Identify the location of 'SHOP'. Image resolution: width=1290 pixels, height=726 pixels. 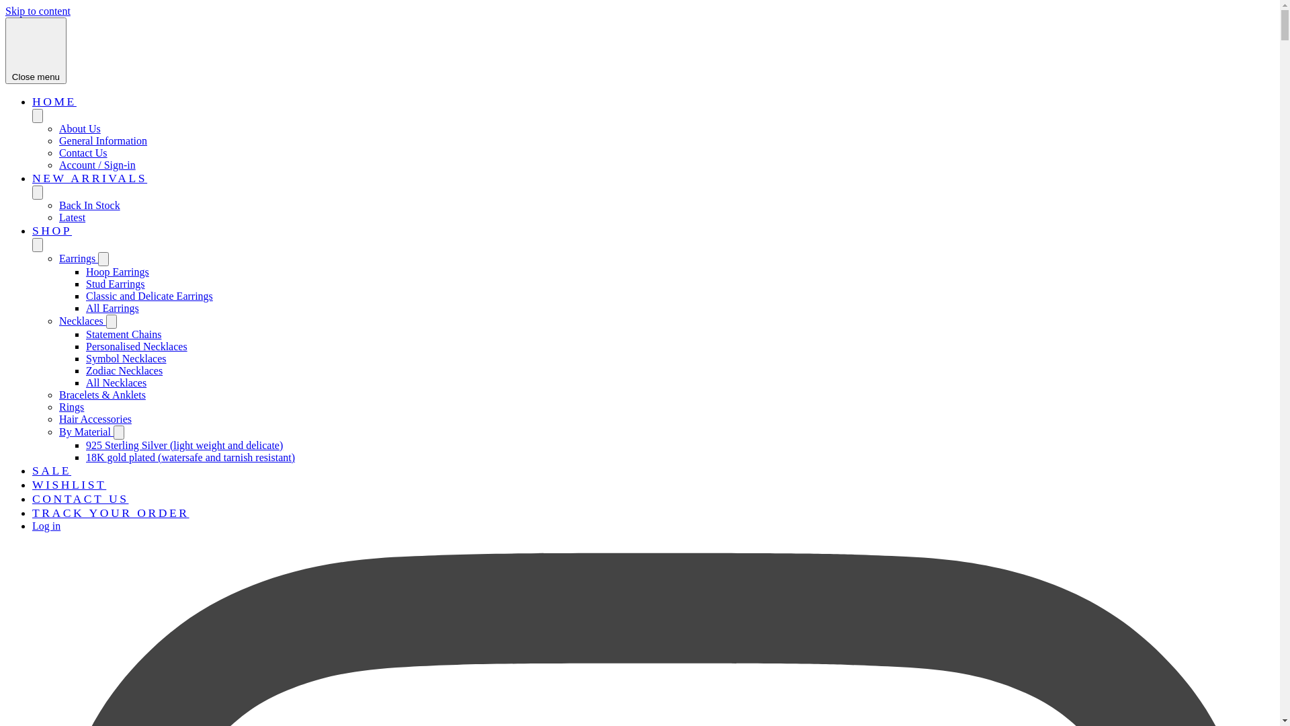
(52, 230).